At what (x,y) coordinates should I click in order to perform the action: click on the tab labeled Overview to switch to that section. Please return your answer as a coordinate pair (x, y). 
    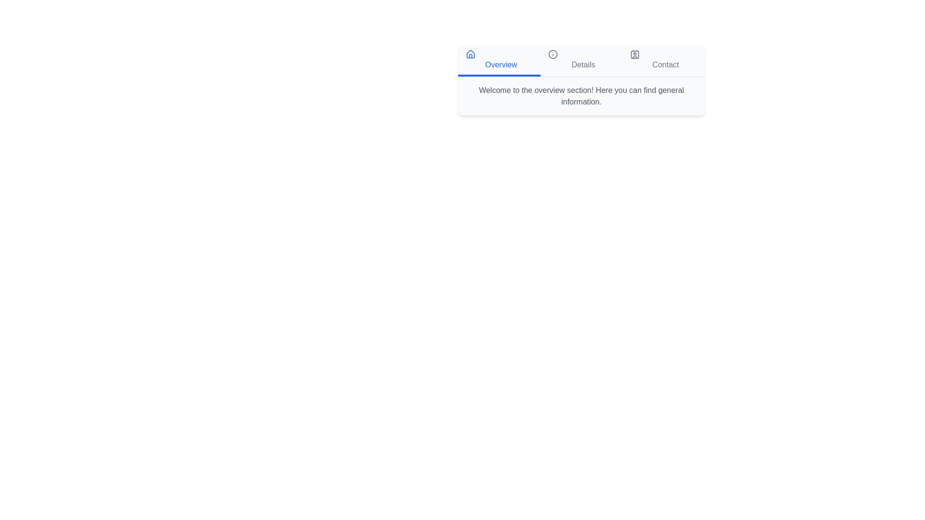
    Looking at the image, I should click on (499, 61).